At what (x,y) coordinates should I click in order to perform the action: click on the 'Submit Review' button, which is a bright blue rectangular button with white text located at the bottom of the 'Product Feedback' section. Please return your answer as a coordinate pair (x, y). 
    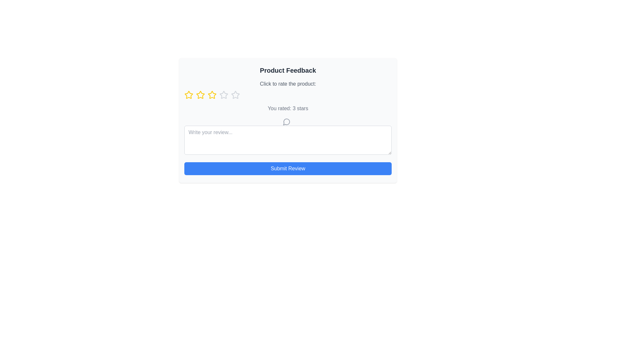
    Looking at the image, I should click on (287, 168).